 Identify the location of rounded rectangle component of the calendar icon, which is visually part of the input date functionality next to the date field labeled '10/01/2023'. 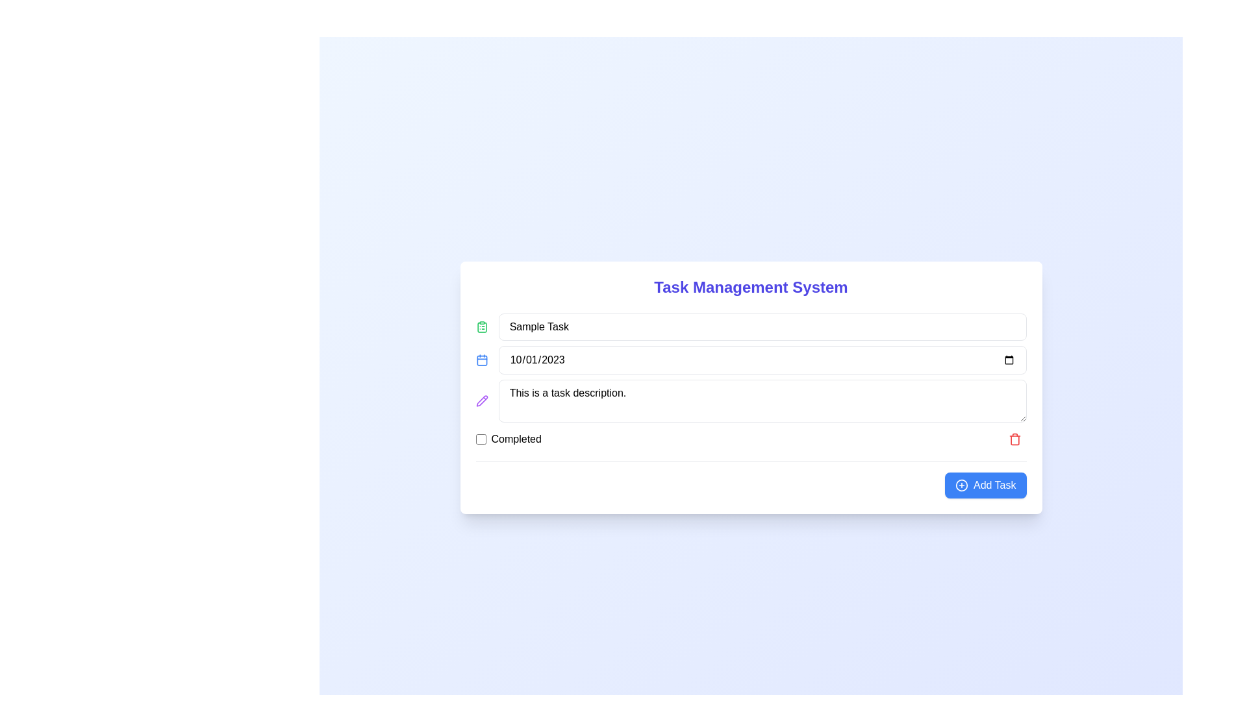
(481, 360).